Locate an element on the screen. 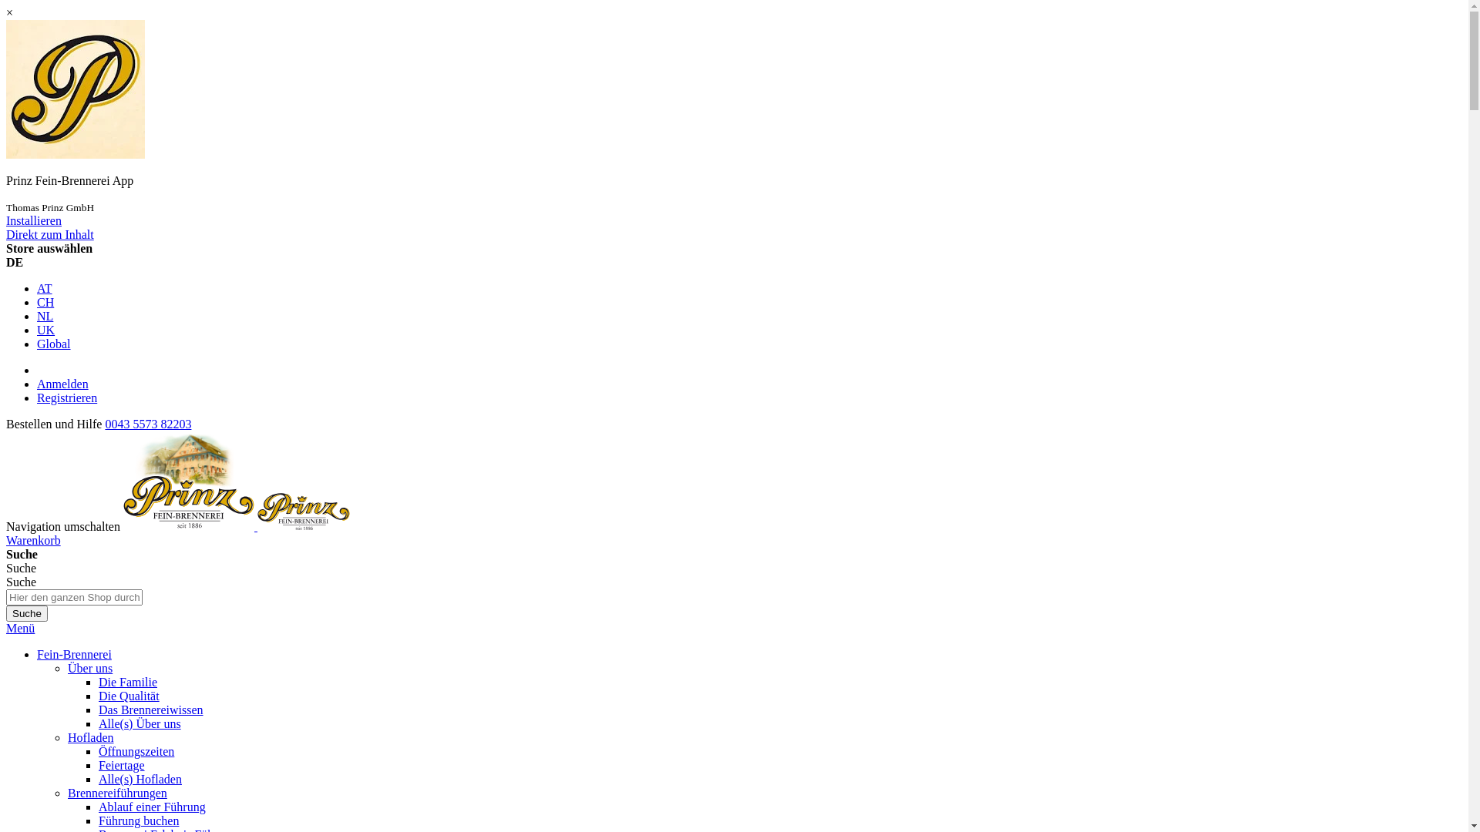  'AT' is located at coordinates (44, 288).